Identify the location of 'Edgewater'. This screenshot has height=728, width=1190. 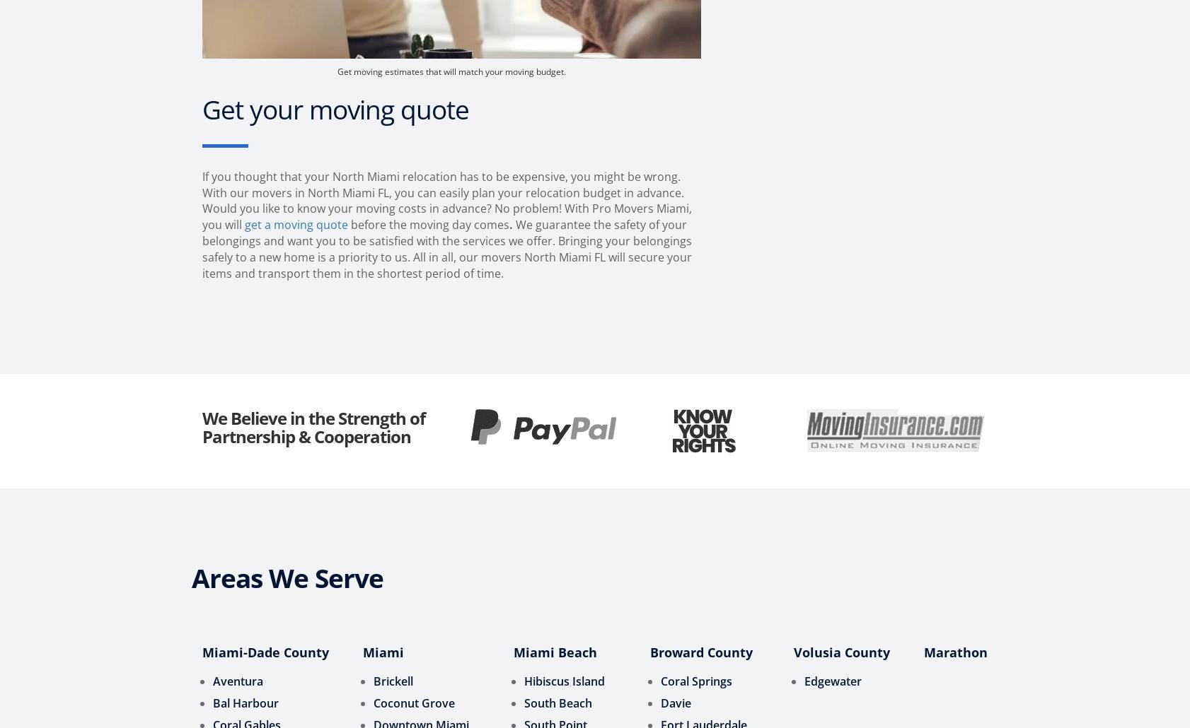
(803, 680).